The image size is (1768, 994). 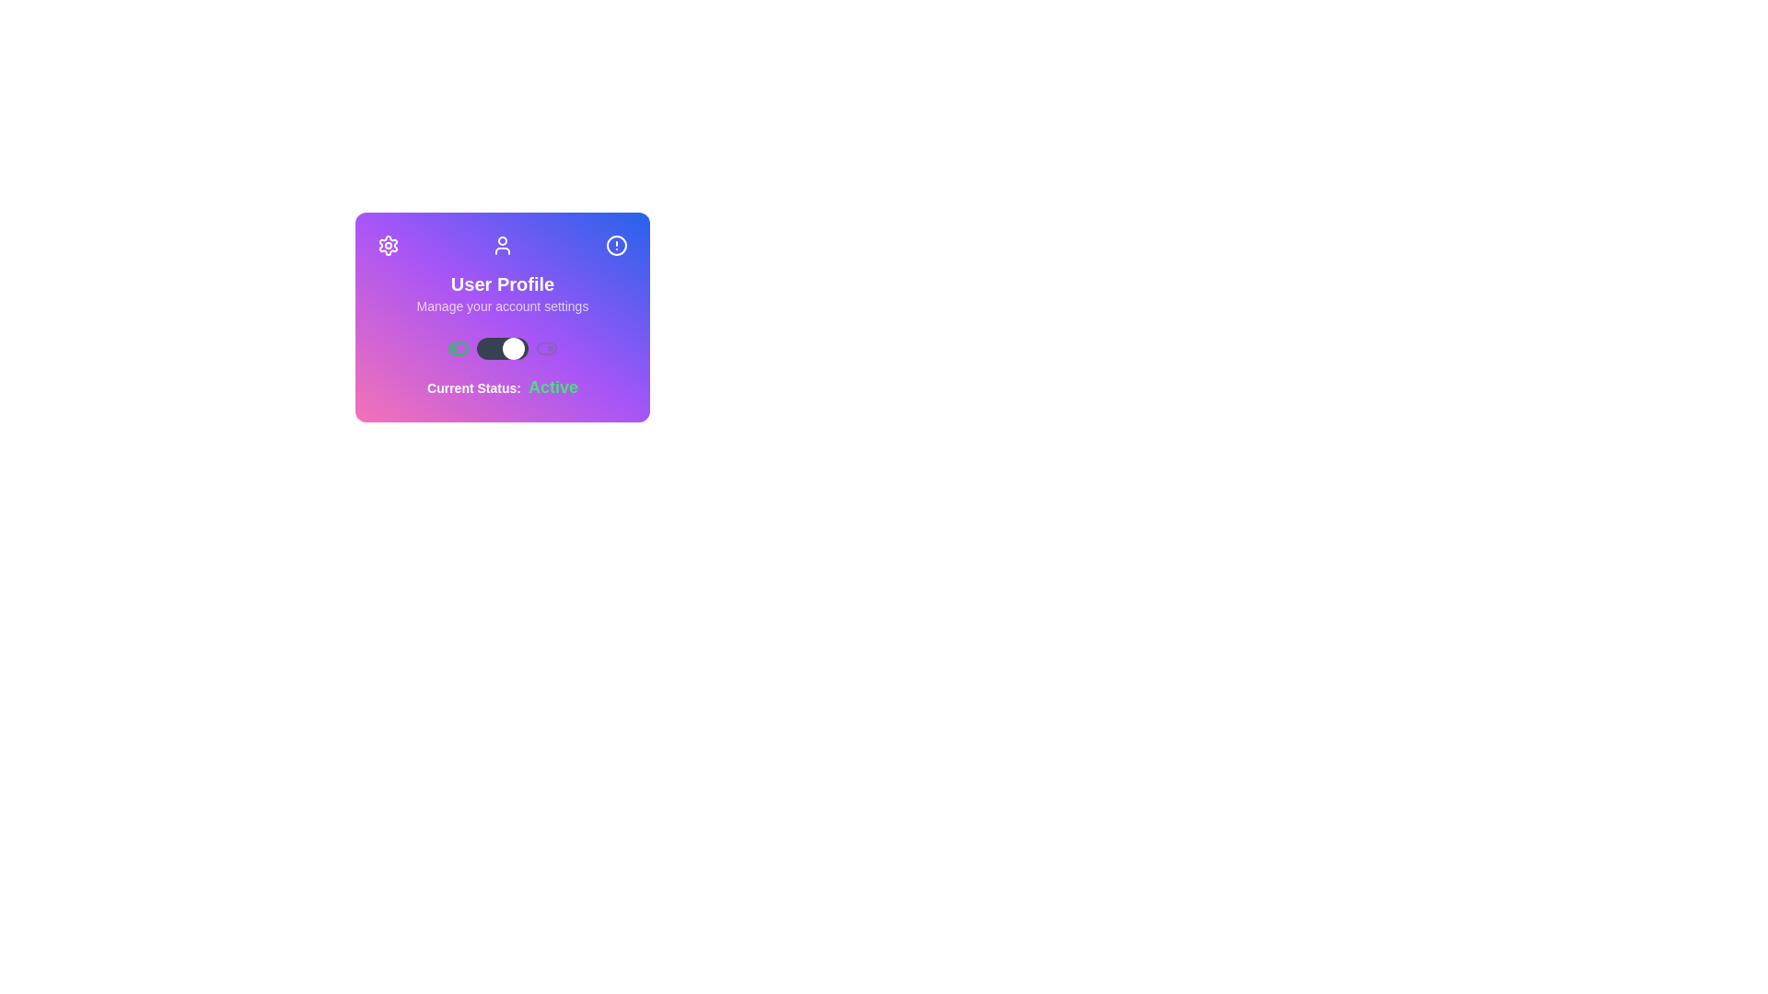 What do you see at coordinates (459, 348) in the screenshot?
I see `the rectangular toggle switch background located within the 'User Profile' card, which is situated between 'Manage your account settings' and 'Current Status: Active'` at bounding box center [459, 348].